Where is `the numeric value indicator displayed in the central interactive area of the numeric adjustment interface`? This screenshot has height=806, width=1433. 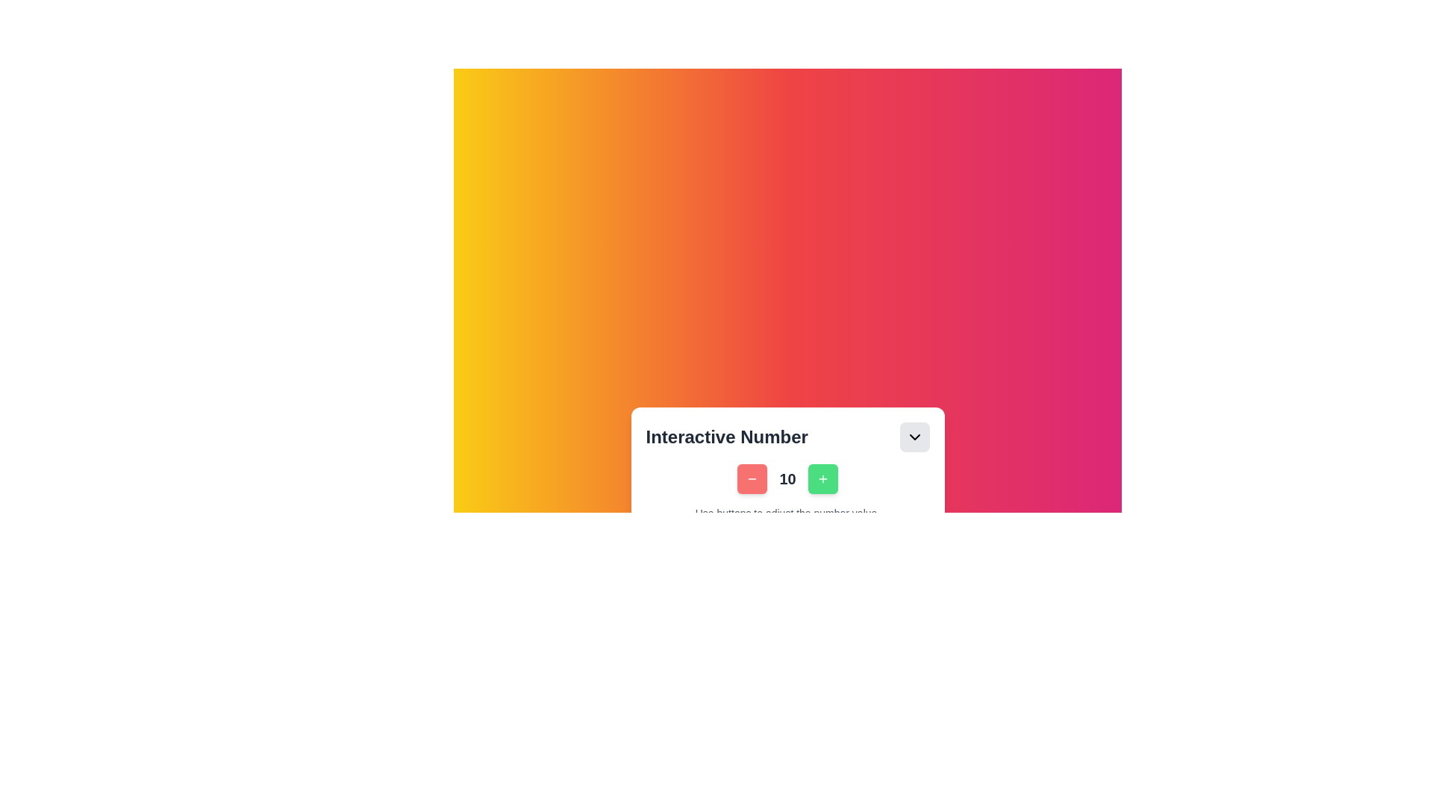
the numeric value indicator displayed in the central interactive area of the numeric adjustment interface is located at coordinates (787, 478).